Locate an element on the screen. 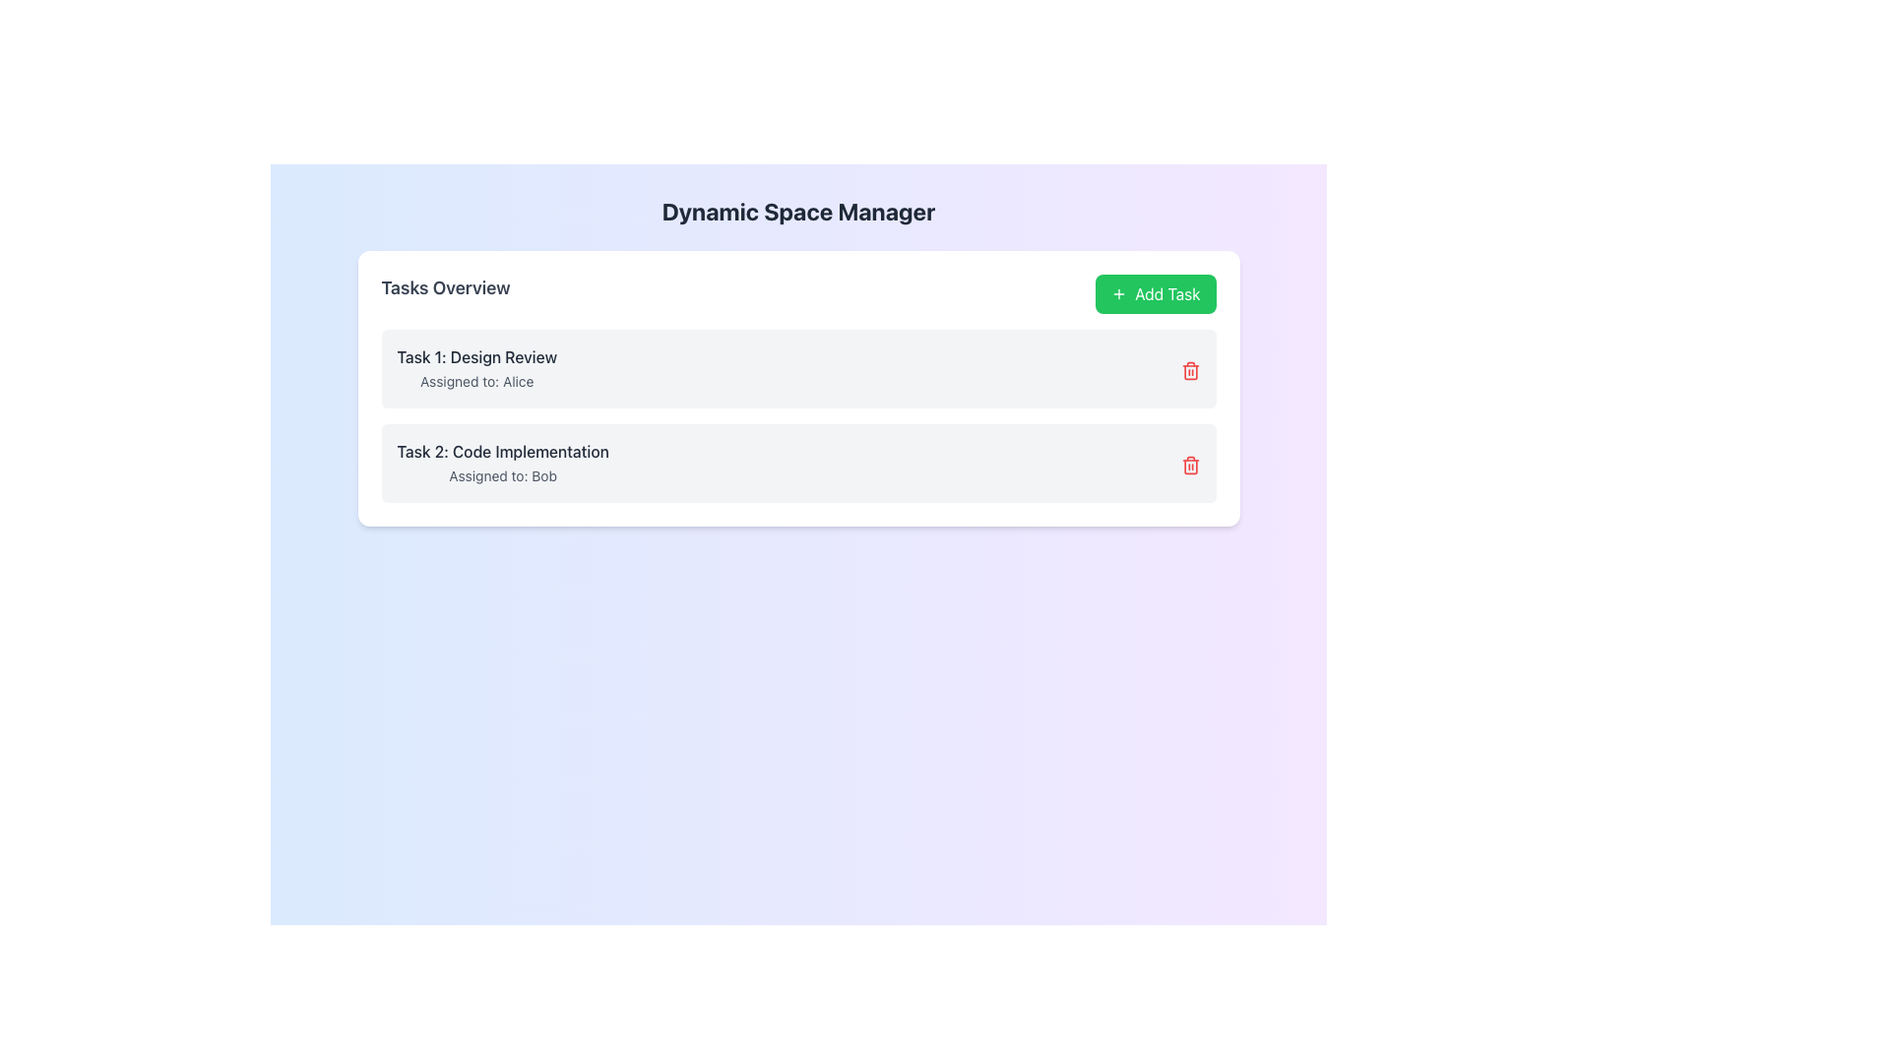  the red trash bin icon button is located at coordinates (1189, 370).